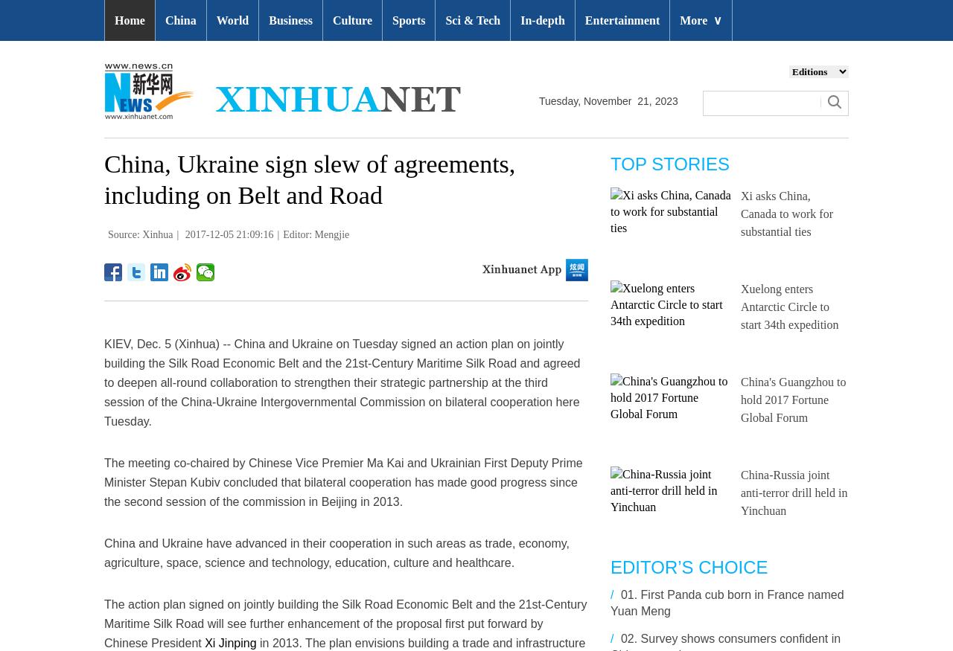 The width and height of the screenshot is (953, 651). What do you see at coordinates (688, 566) in the screenshot?
I see `'EDITOR’S CHOICE'` at bounding box center [688, 566].